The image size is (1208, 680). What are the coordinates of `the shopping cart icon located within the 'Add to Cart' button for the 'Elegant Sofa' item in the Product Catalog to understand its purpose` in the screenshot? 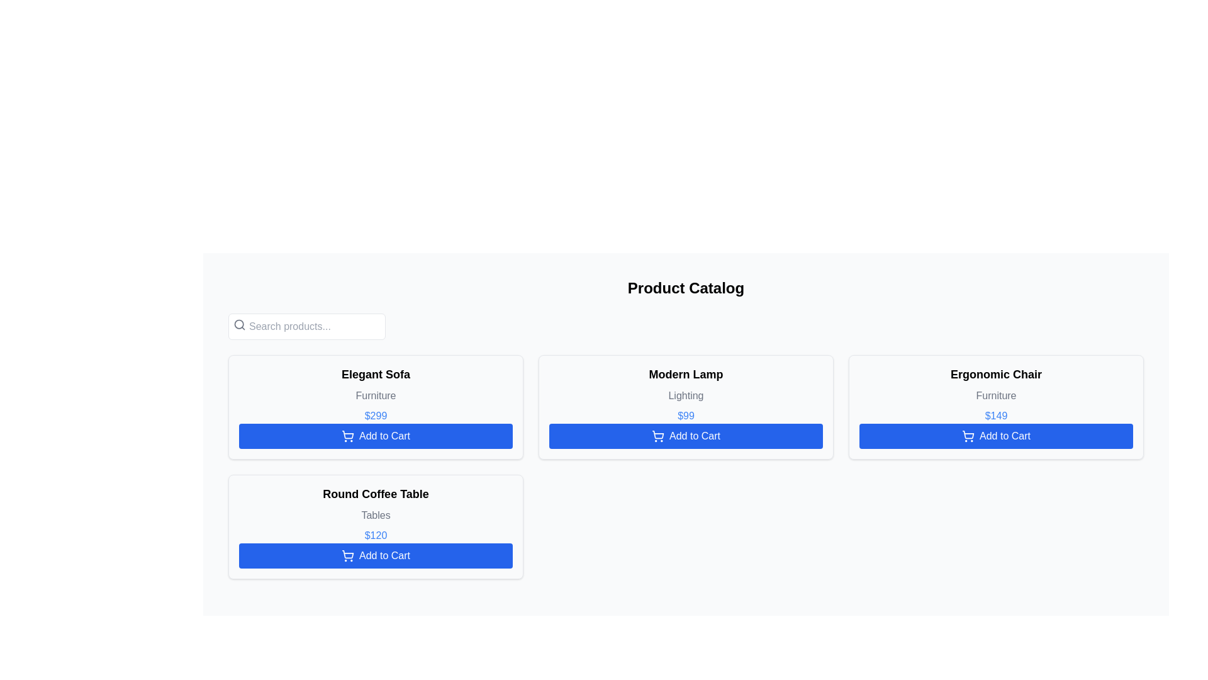 It's located at (347, 436).